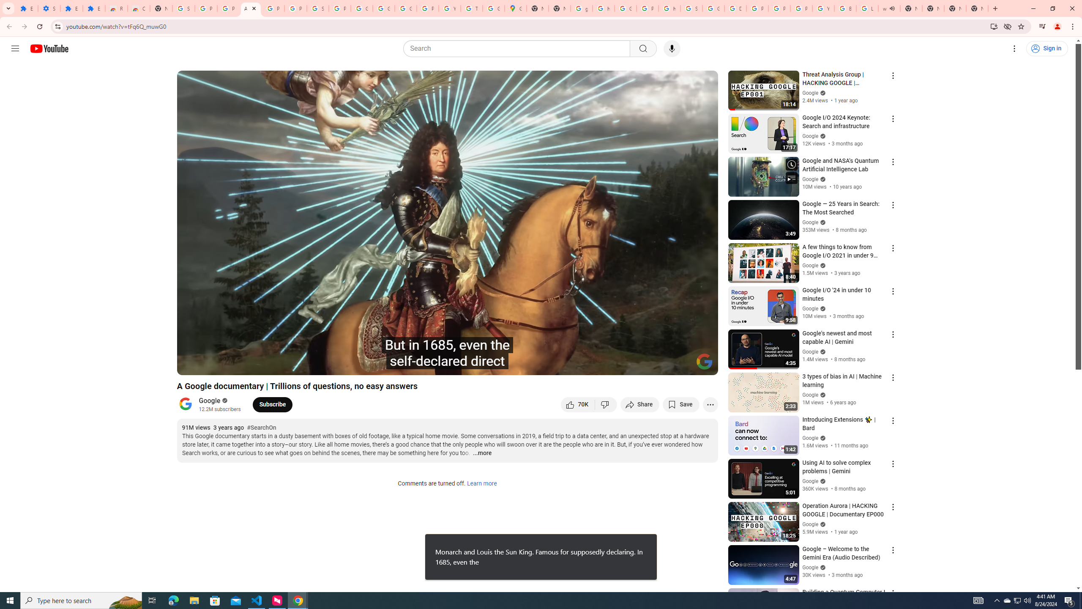 The width and height of the screenshot is (1082, 609). What do you see at coordinates (57, 26) in the screenshot?
I see `'View site information'` at bounding box center [57, 26].